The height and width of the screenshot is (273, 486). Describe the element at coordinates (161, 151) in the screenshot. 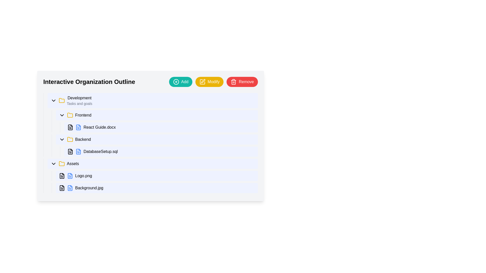

I see `the list item representing the file 'DatabaseSetup.sql'` at that location.